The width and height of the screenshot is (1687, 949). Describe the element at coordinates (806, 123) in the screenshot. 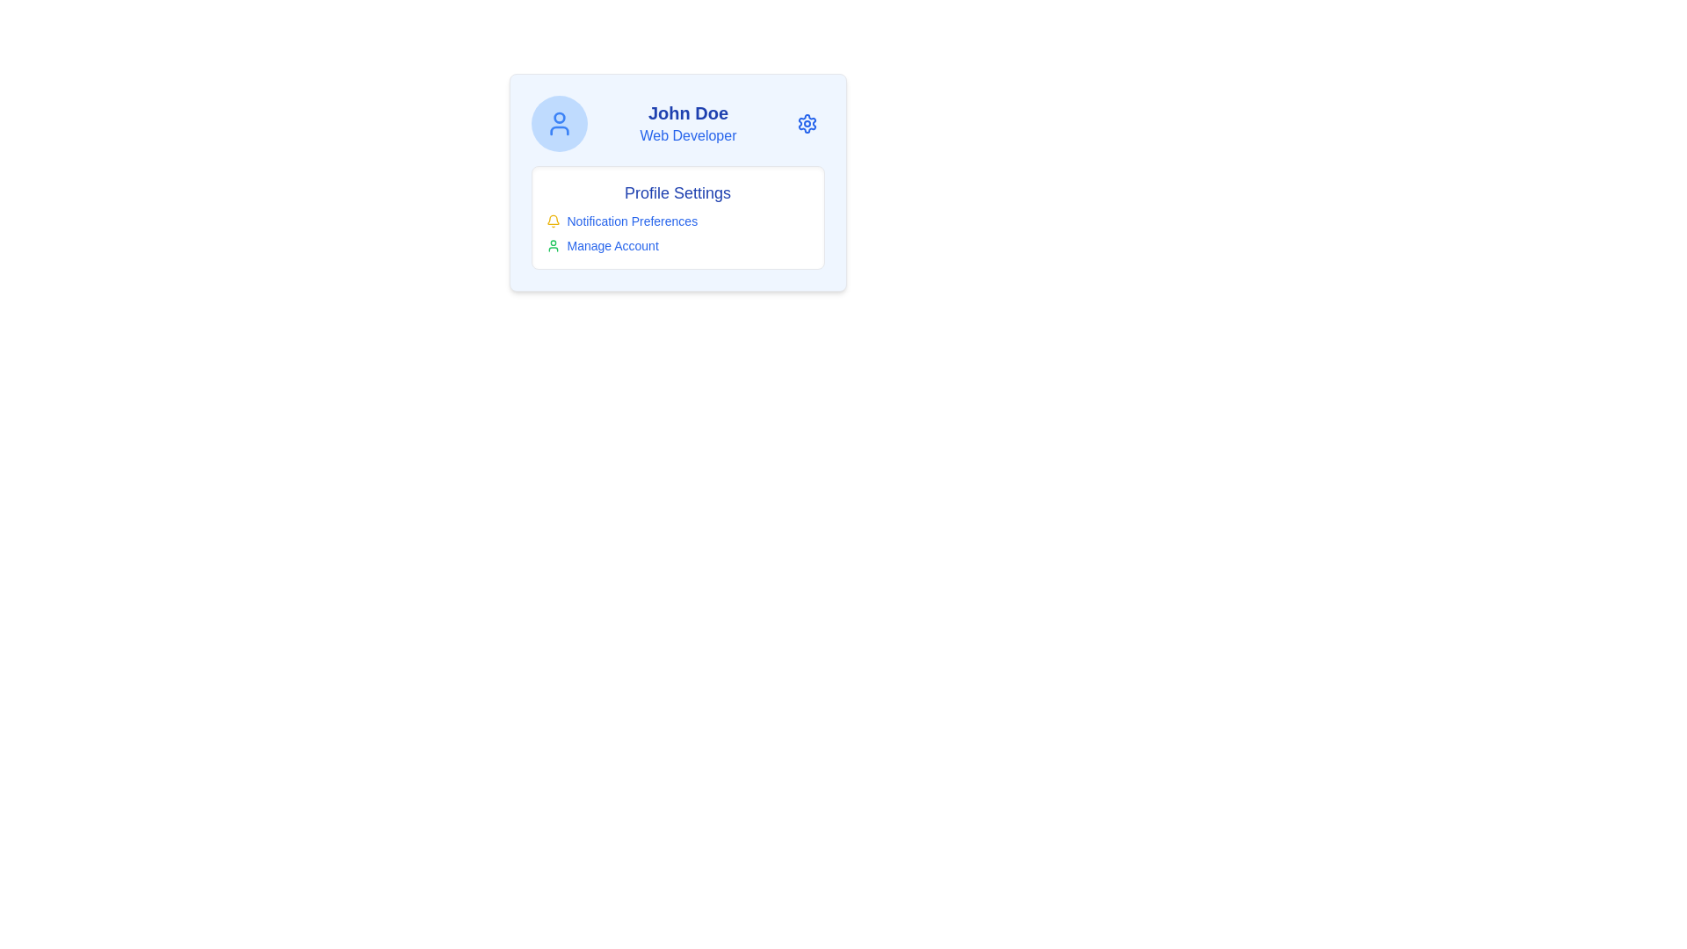

I see `the settings cogwheel icon located at the top-right corner of the profile card` at that location.